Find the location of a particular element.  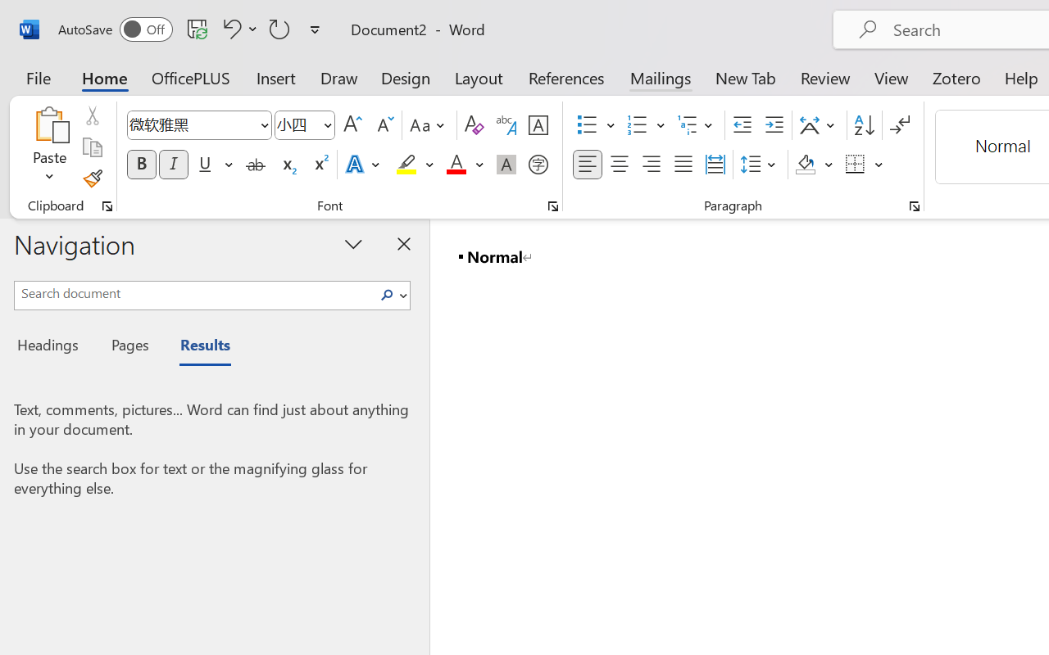

'Show/Hide Editing Marks' is located at coordinates (899, 125).